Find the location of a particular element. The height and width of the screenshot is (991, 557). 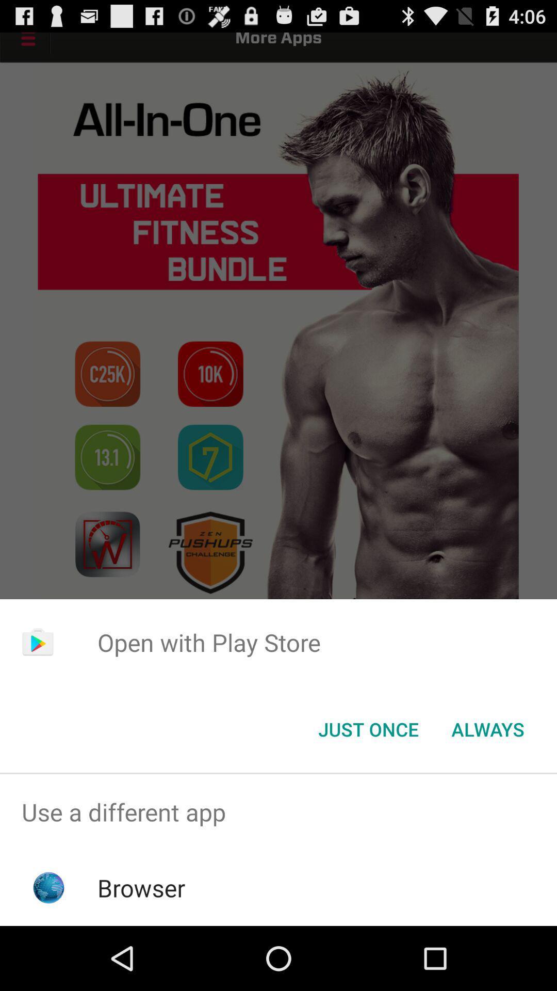

button to the right of the just once icon is located at coordinates (487, 728).